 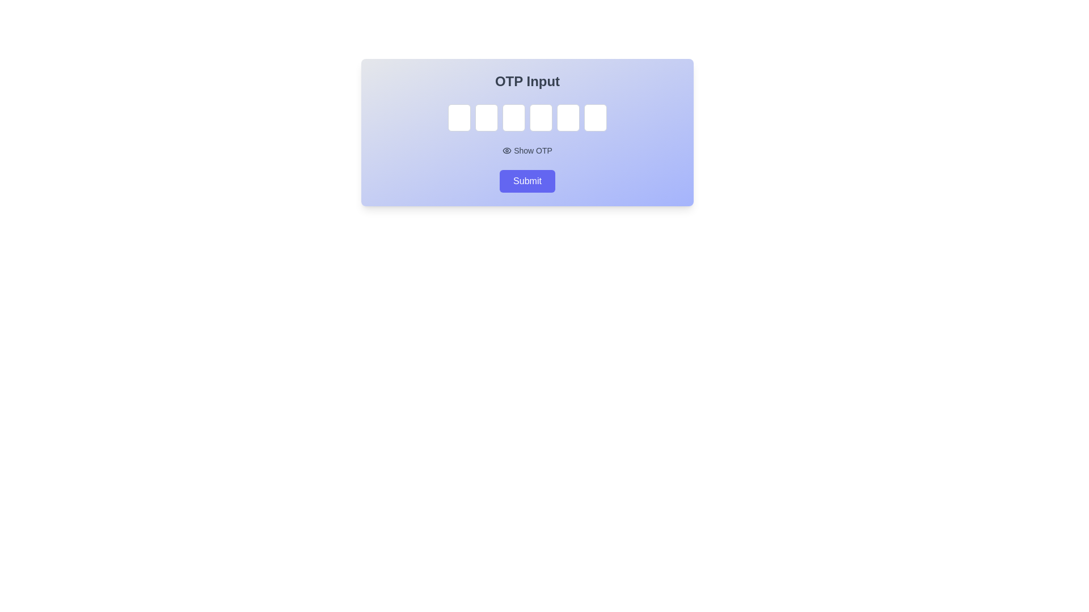 What do you see at coordinates (527, 150) in the screenshot?
I see `the 'Show OTP' label with an eye icon to change its text color` at bounding box center [527, 150].